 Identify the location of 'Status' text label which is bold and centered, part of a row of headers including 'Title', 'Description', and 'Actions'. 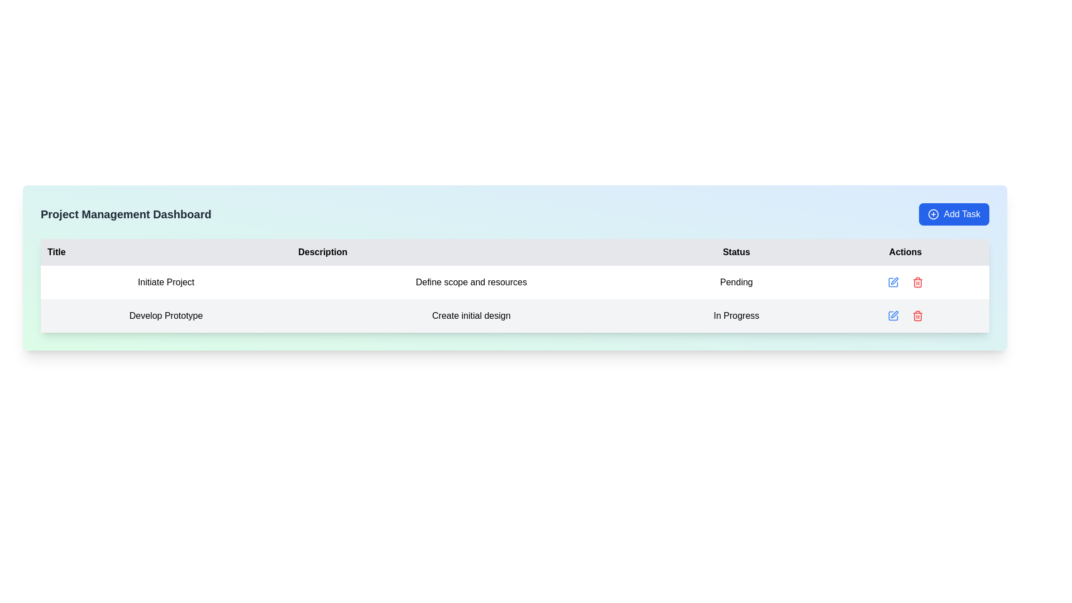
(736, 252).